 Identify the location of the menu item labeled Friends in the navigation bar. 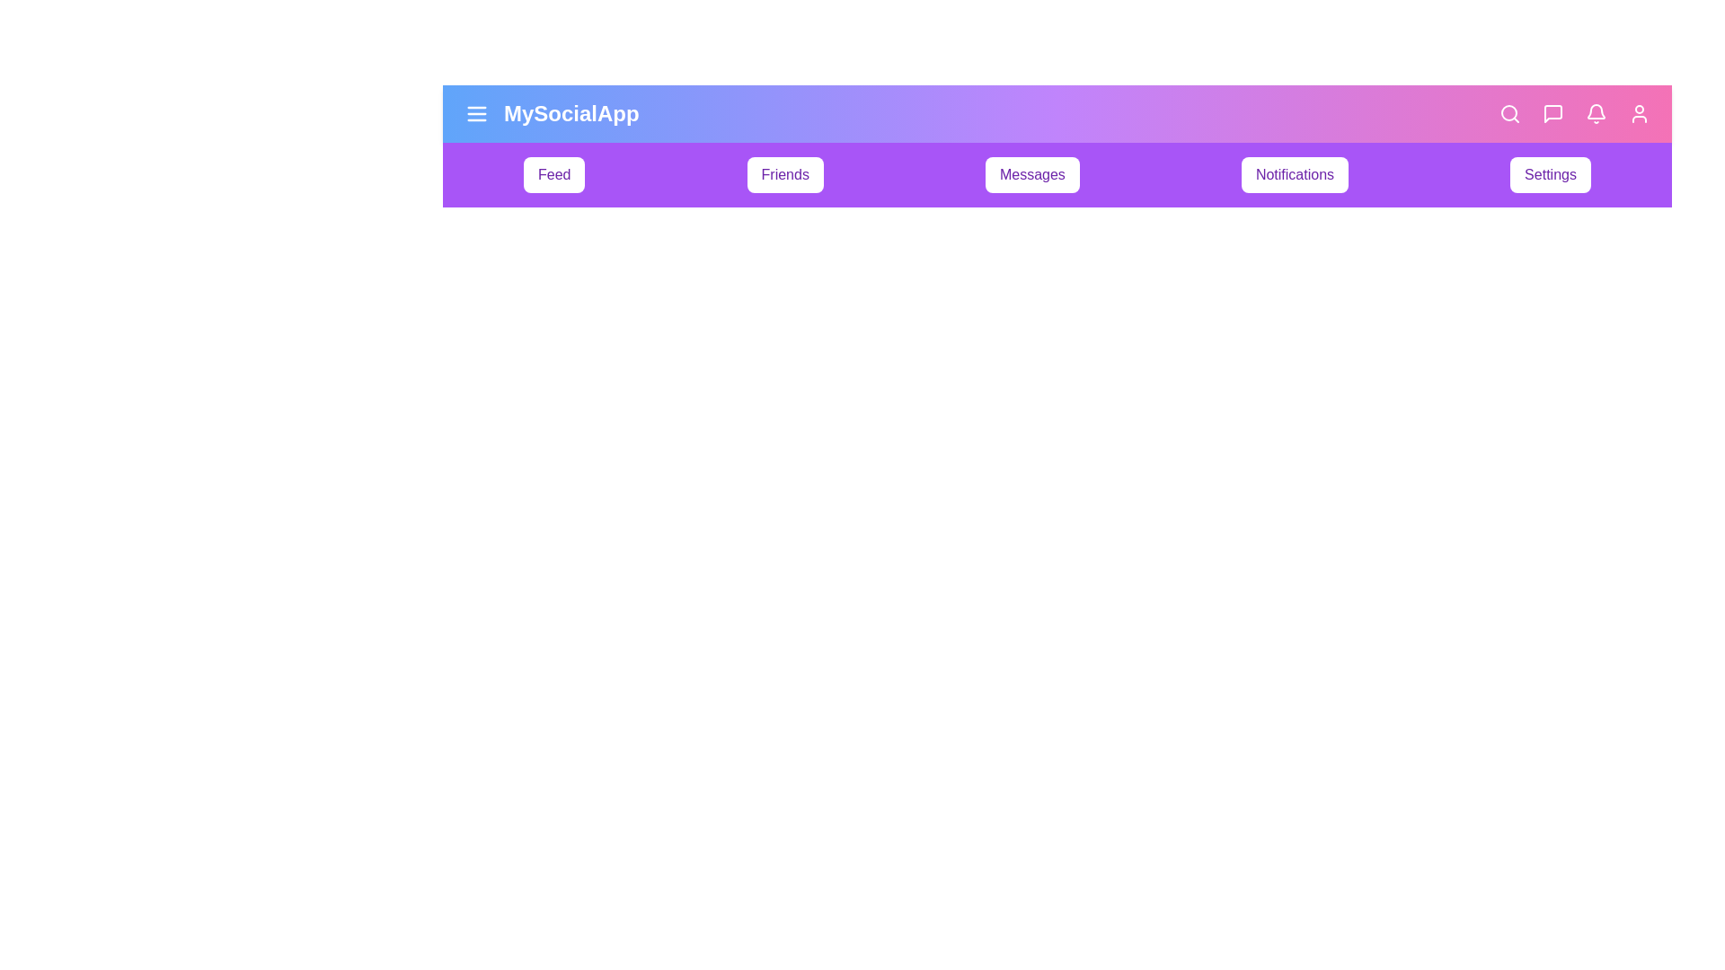
(785, 175).